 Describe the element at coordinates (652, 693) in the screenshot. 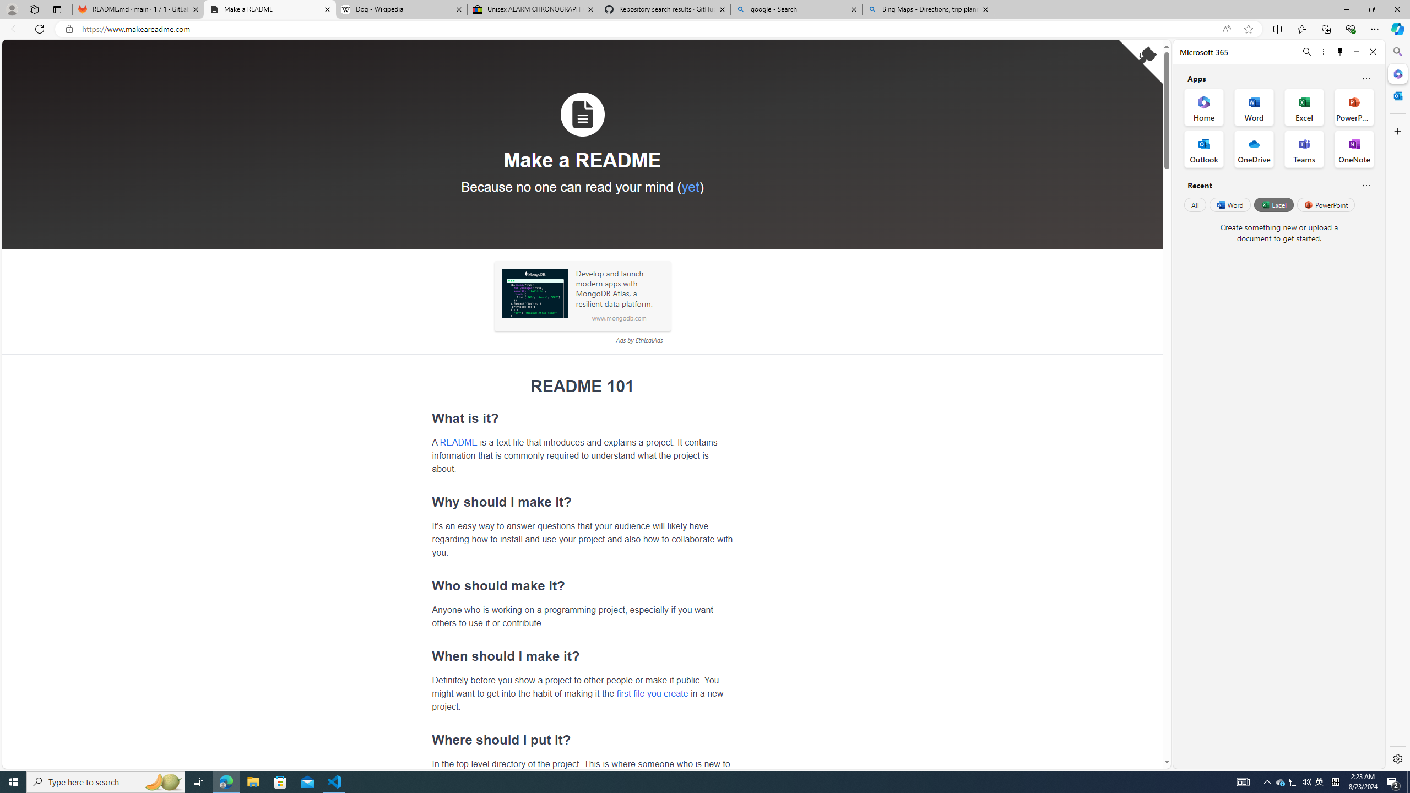

I see `'first file you create'` at that location.